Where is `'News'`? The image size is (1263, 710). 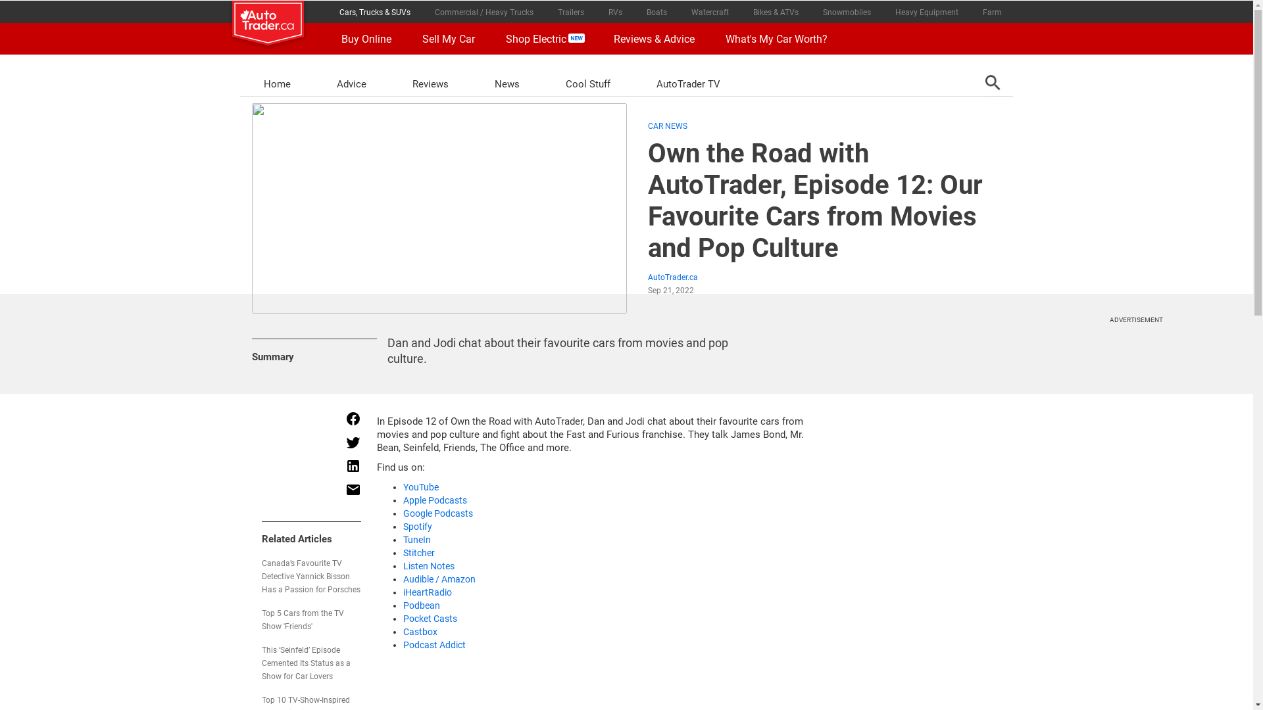
'News' is located at coordinates (507, 83).